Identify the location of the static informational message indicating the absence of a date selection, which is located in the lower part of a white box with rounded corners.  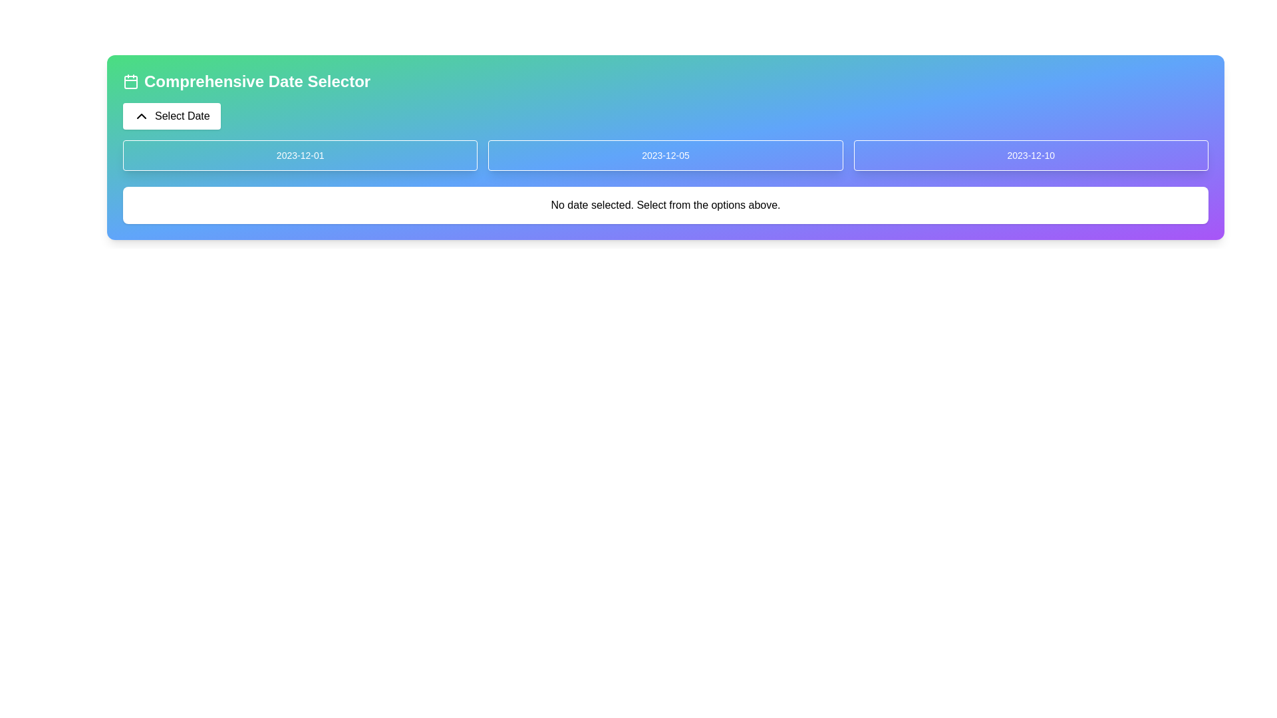
(666, 205).